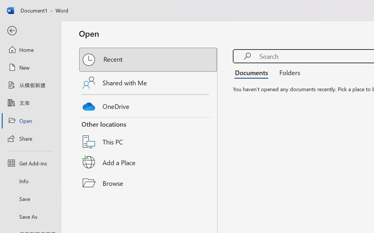 The image size is (374, 233). Describe the element at coordinates (148, 105) in the screenshot. I see `'OneDrive'` at that location.